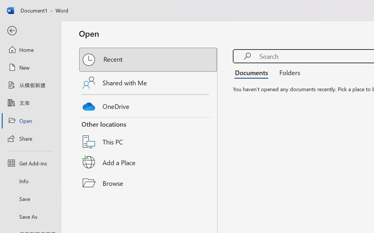 The image size is (374, 233). Describe the element at coordinates (148, 105) in the screenshot. I see `'OneDrive'` at that location.